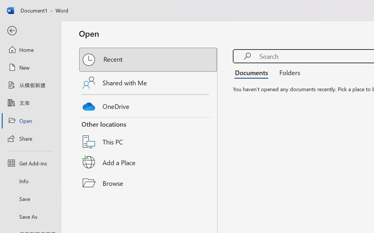 The image size is (374, 233). Describe the element at coordinates (148, 105) in the screenshot. I see `'OneDrive'` at that location.